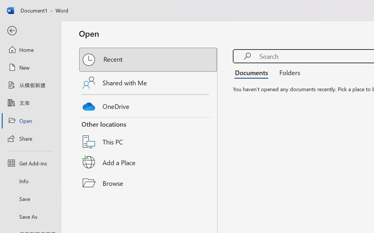 The image size is (374, 233). Describe the element at coordinates (148, 105) in the screenshot. I see `'OneDrive'` at that location.